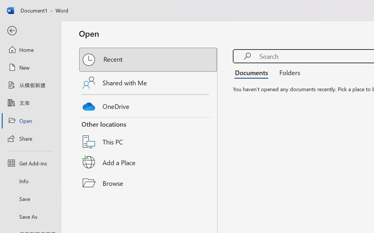 The image size is (374, 233). Describe the element at coordinates (148, 105) in the screenshot. I see `'OneDrive'` at that location.